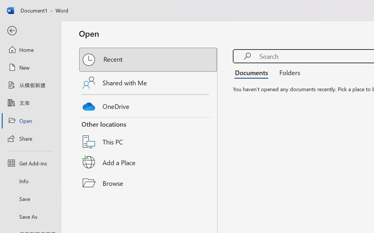 The image size is (374, 233). Describe the element at coordinates (148, 105) in the screenshot. I see `'OneDrive'` at that location.